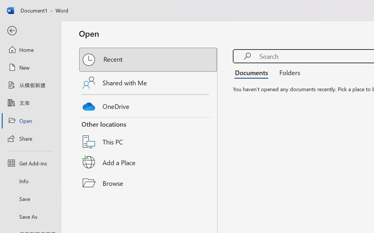 The image size is (374, 233). Describe the element at coordinates (148, 105) in the screenshot. I see `'OneDrive'` at that location.